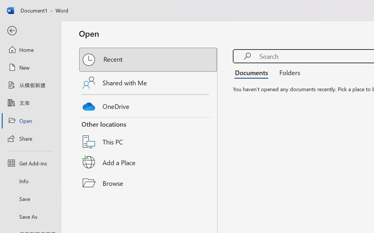 The image size is (374, 233). Describe the element at coordinates (148, 105) in the screenshot. I see `'OneDrive'` at that location.